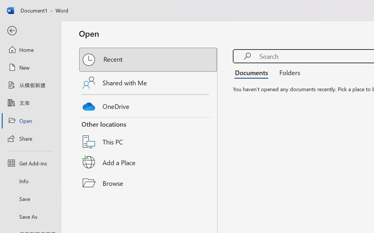 The image size is (374, 233). Describe the element at coordinates (148, 105) in the screenshot. I see `'OneDrive'` at that location.